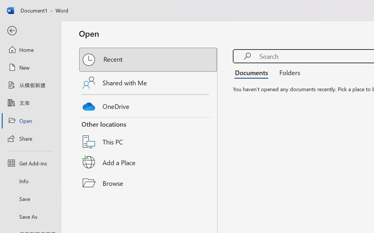 The image size is (374, 233). Describe the element at coordinates (148, 105) in the screenshot. I see `'OneDrive'` at that location.